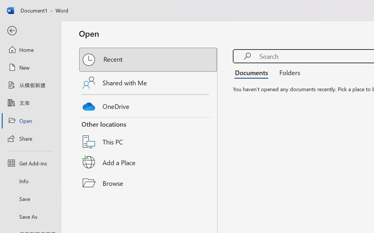 The image size is (374, 233). Describe the element at coordinates (148, 105) in the screenshot. I see `'OneDrive'` at that location.